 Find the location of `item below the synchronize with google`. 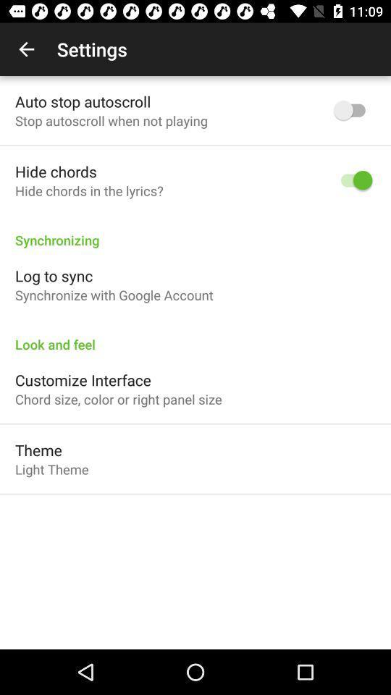

item below the synchronize with google is located at coordinates (195, 337).